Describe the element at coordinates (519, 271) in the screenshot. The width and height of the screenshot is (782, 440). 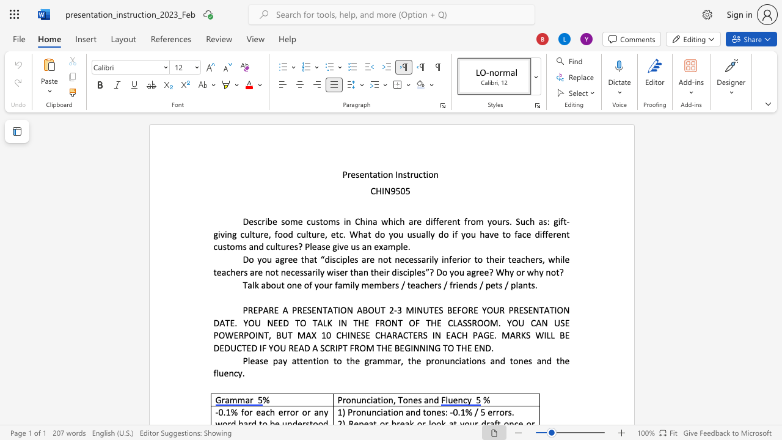
I see `the 9th character "o" in the text` at that location.